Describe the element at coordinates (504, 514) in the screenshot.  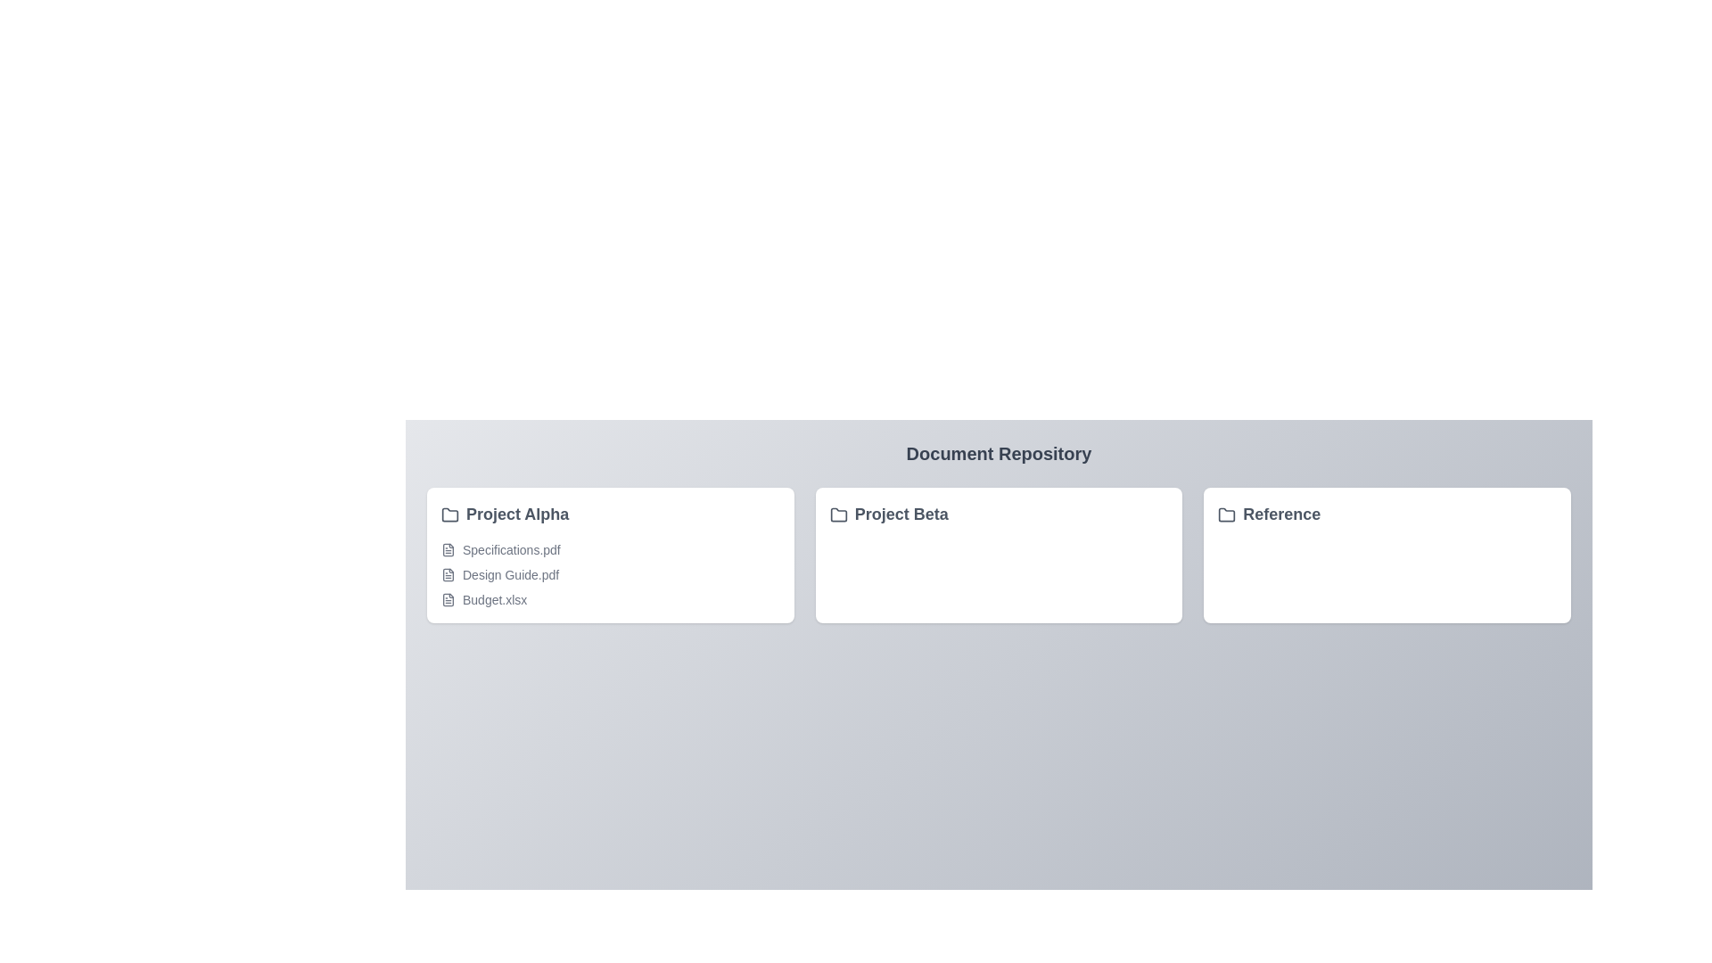
I see `the 'Project Alpha' text label` at that location.